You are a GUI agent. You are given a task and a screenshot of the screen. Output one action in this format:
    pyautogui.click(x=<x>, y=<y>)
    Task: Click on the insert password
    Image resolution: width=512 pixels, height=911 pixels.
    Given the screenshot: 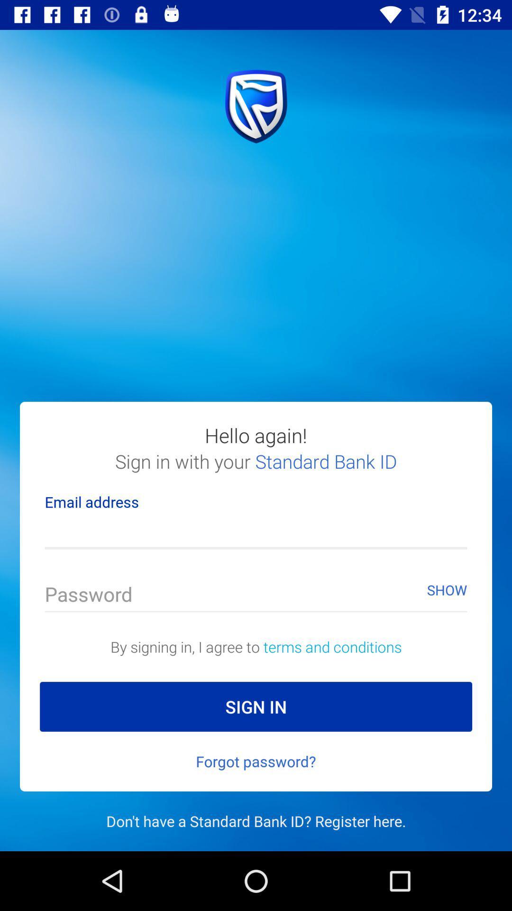 What is the action you would take?
    pyautogui.click(x=256, y=596)
    